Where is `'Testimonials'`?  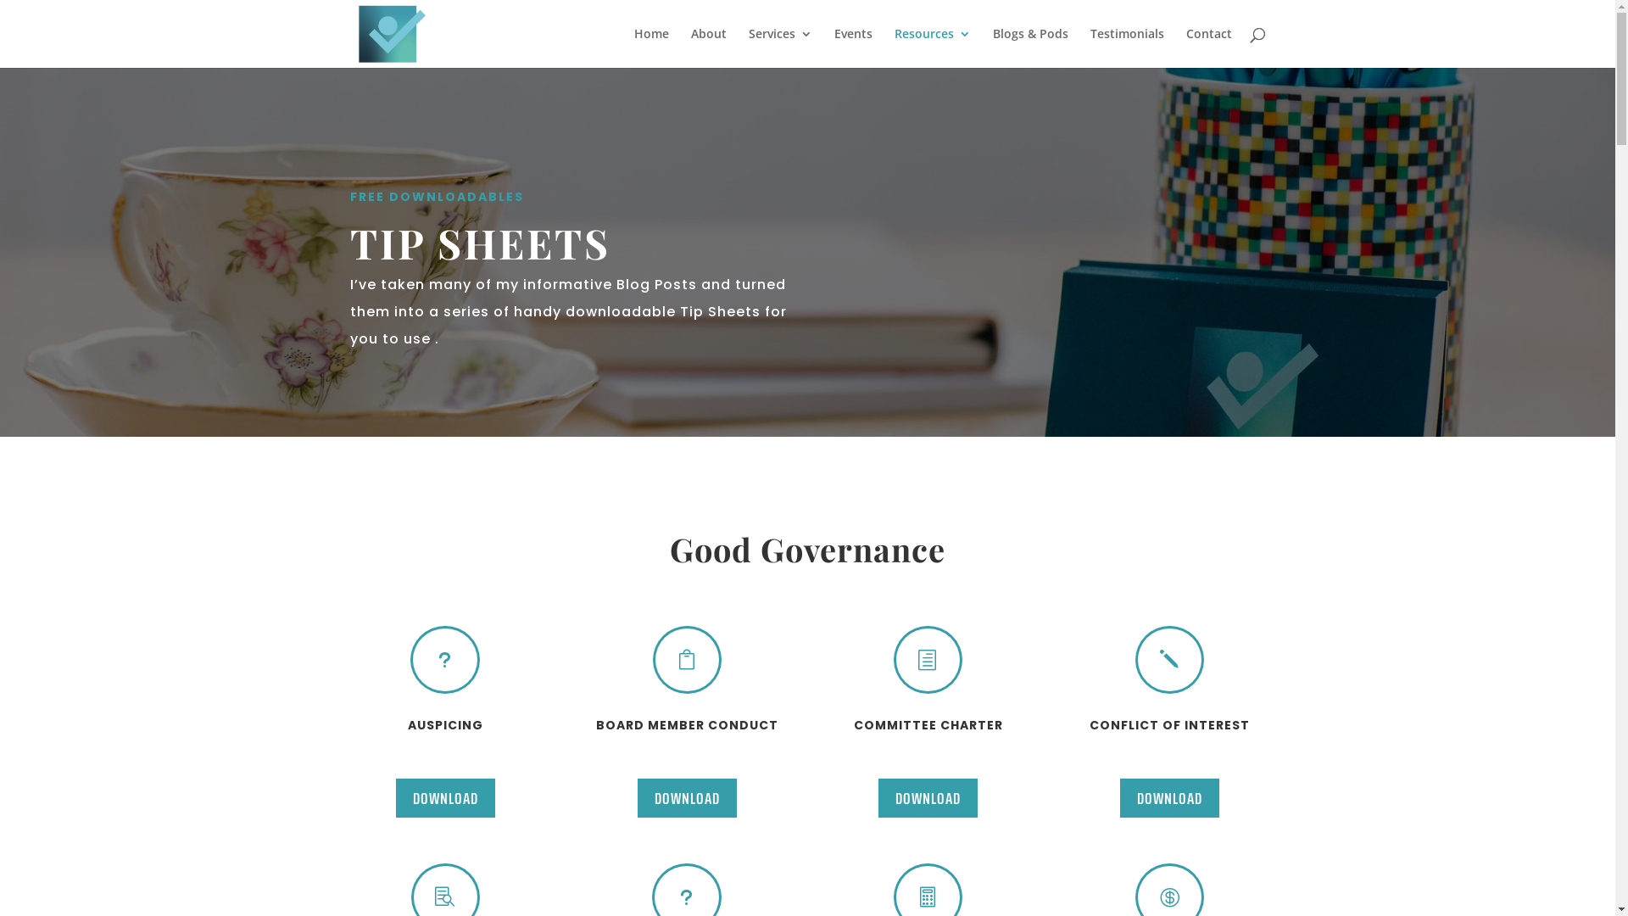
'Testimonials' is located at coordinates (1090, 47).